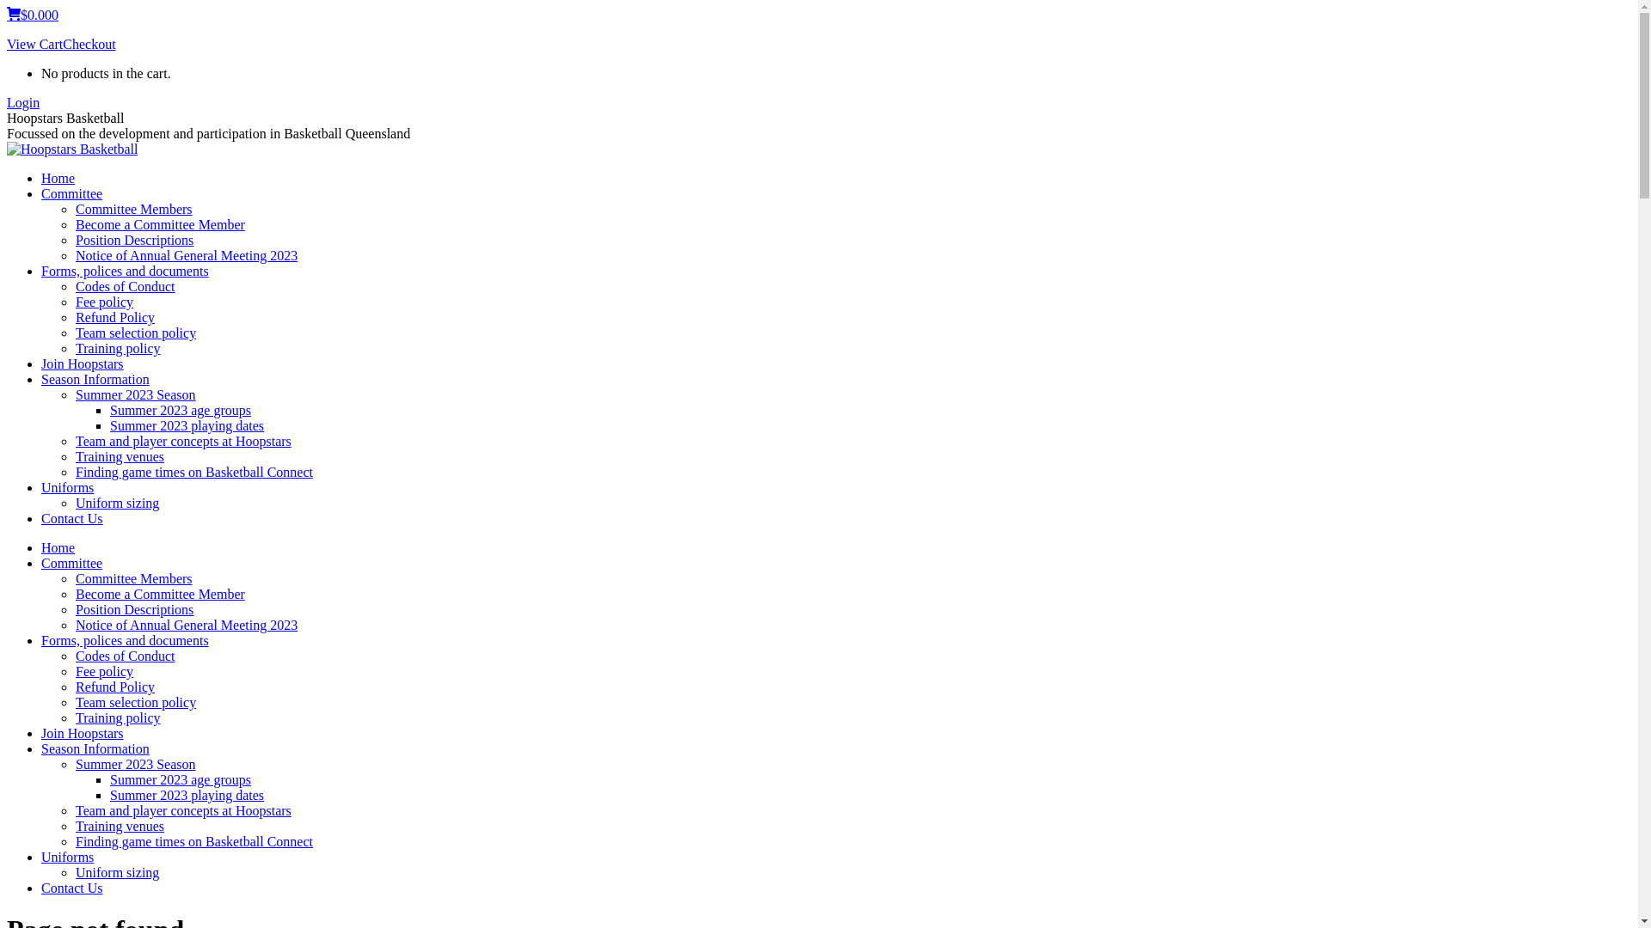 This screenshot has height=928, width=1651. What do you see at coordinates (160, 593) in the screenshot?
I see `'Become a Committee Member'` at bounding box center [160, 593].